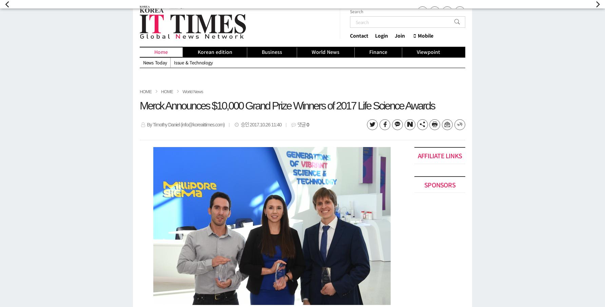  I want to click on 'Korean edition', so click(214, 52).